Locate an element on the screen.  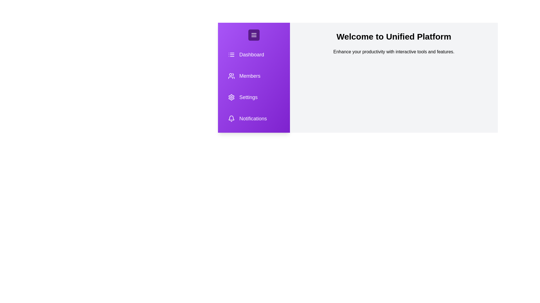
the sidebar item labeled Settings is located at coordinates (248, 97).